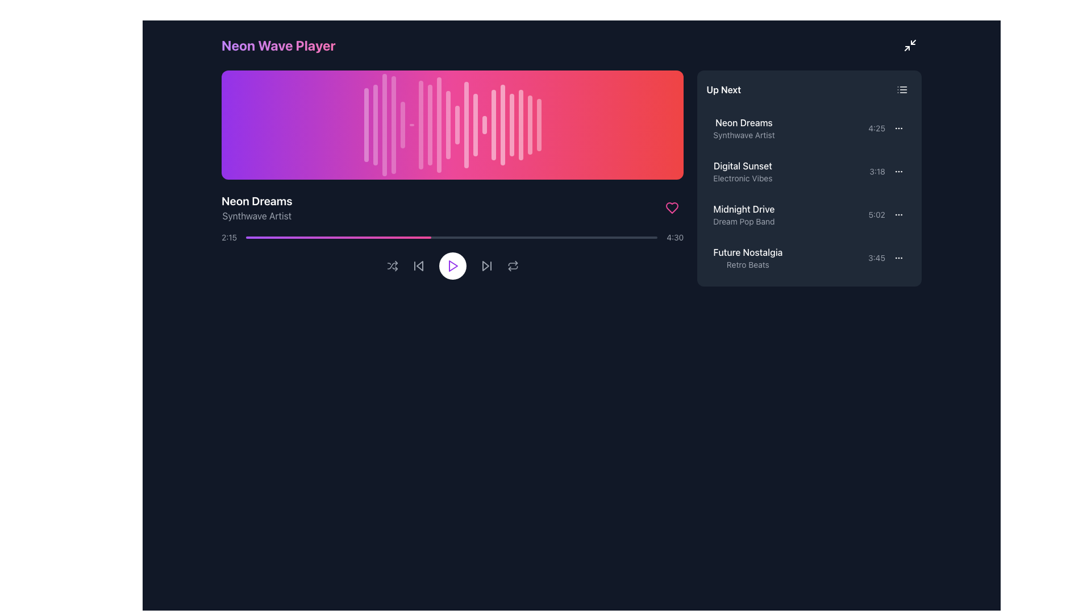  What do you see at coordinates (466, 125) in the screenshot?
I see `the twelfth waveform bar in the audio visualization component, which visually represents the audio's dynamics and beats during playback` at bounding box center [466, 125].